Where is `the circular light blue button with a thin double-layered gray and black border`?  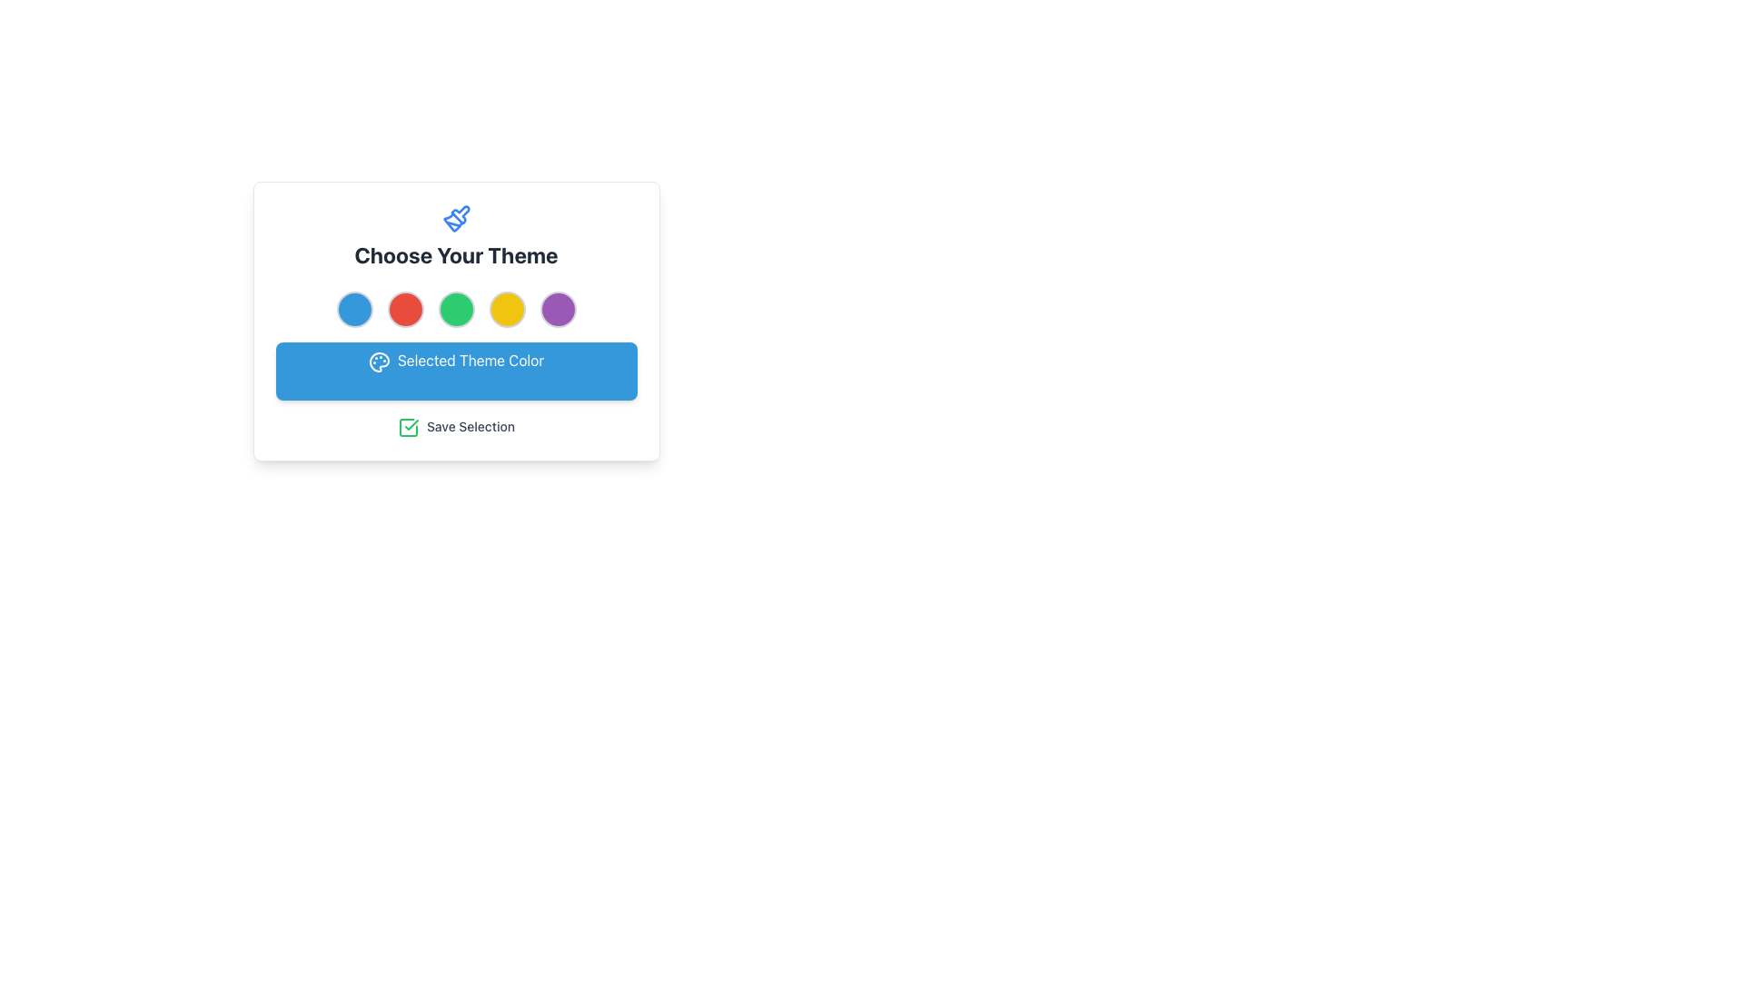
the circular light blue button with a thin double-layered gray and black border is located at coordinates (354, 308).